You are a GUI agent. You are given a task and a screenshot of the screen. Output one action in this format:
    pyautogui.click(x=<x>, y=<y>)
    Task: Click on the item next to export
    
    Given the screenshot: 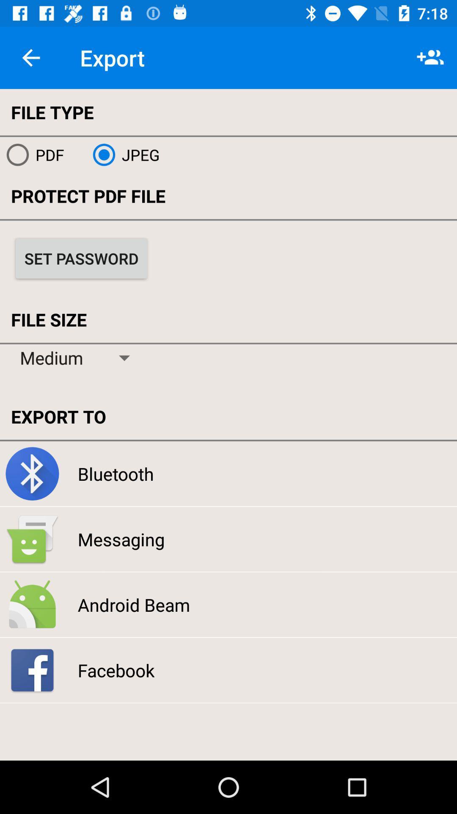 What is the action you would take?
    pyautogui.click(x=30, y=57)
    